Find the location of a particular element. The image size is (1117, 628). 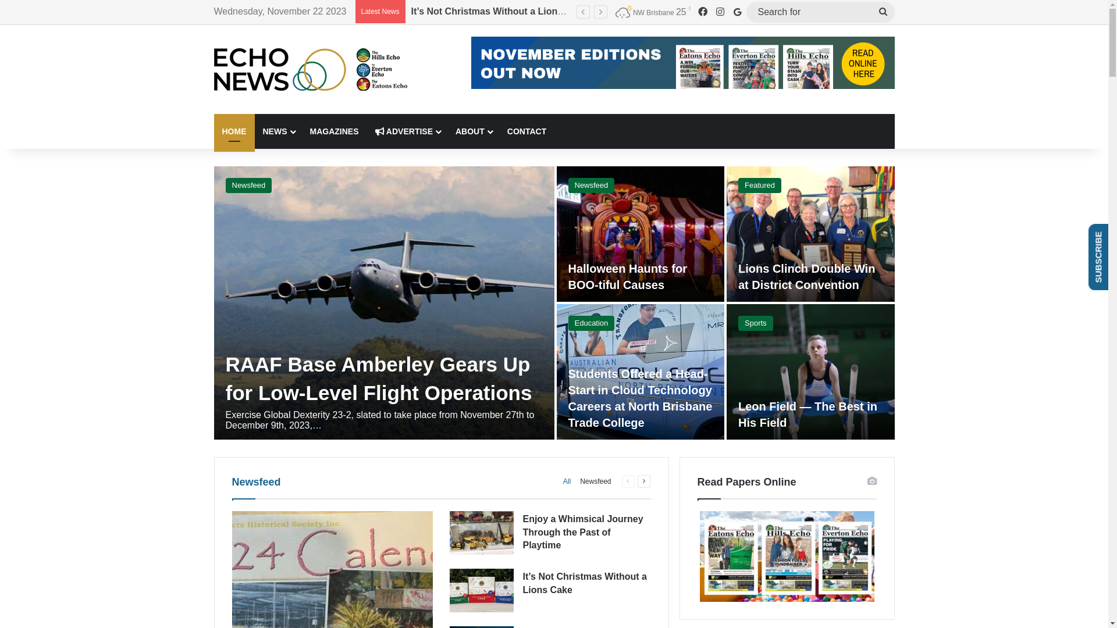

'Search for' is located at coordinates (819, 12).